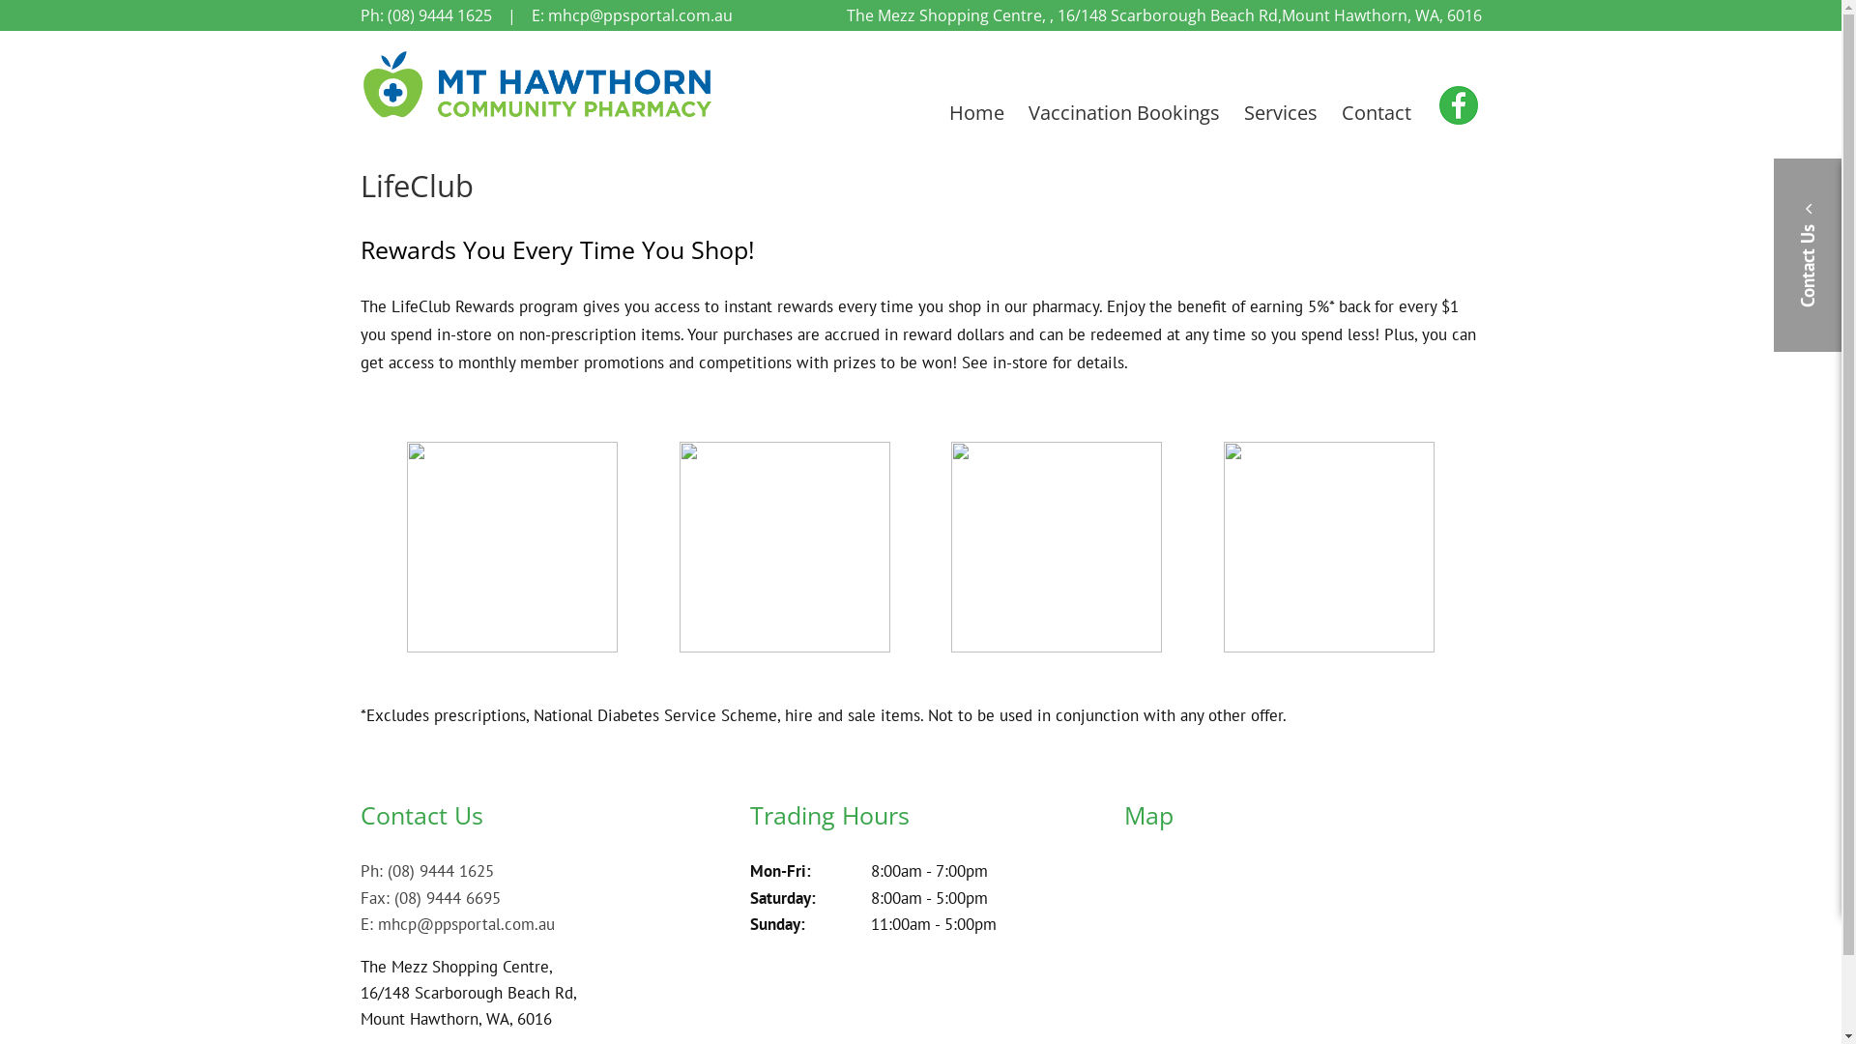 Image resolution: width=1856 pixels, height=1044 pixels. I want to click on 'Home', so click(976, 112).